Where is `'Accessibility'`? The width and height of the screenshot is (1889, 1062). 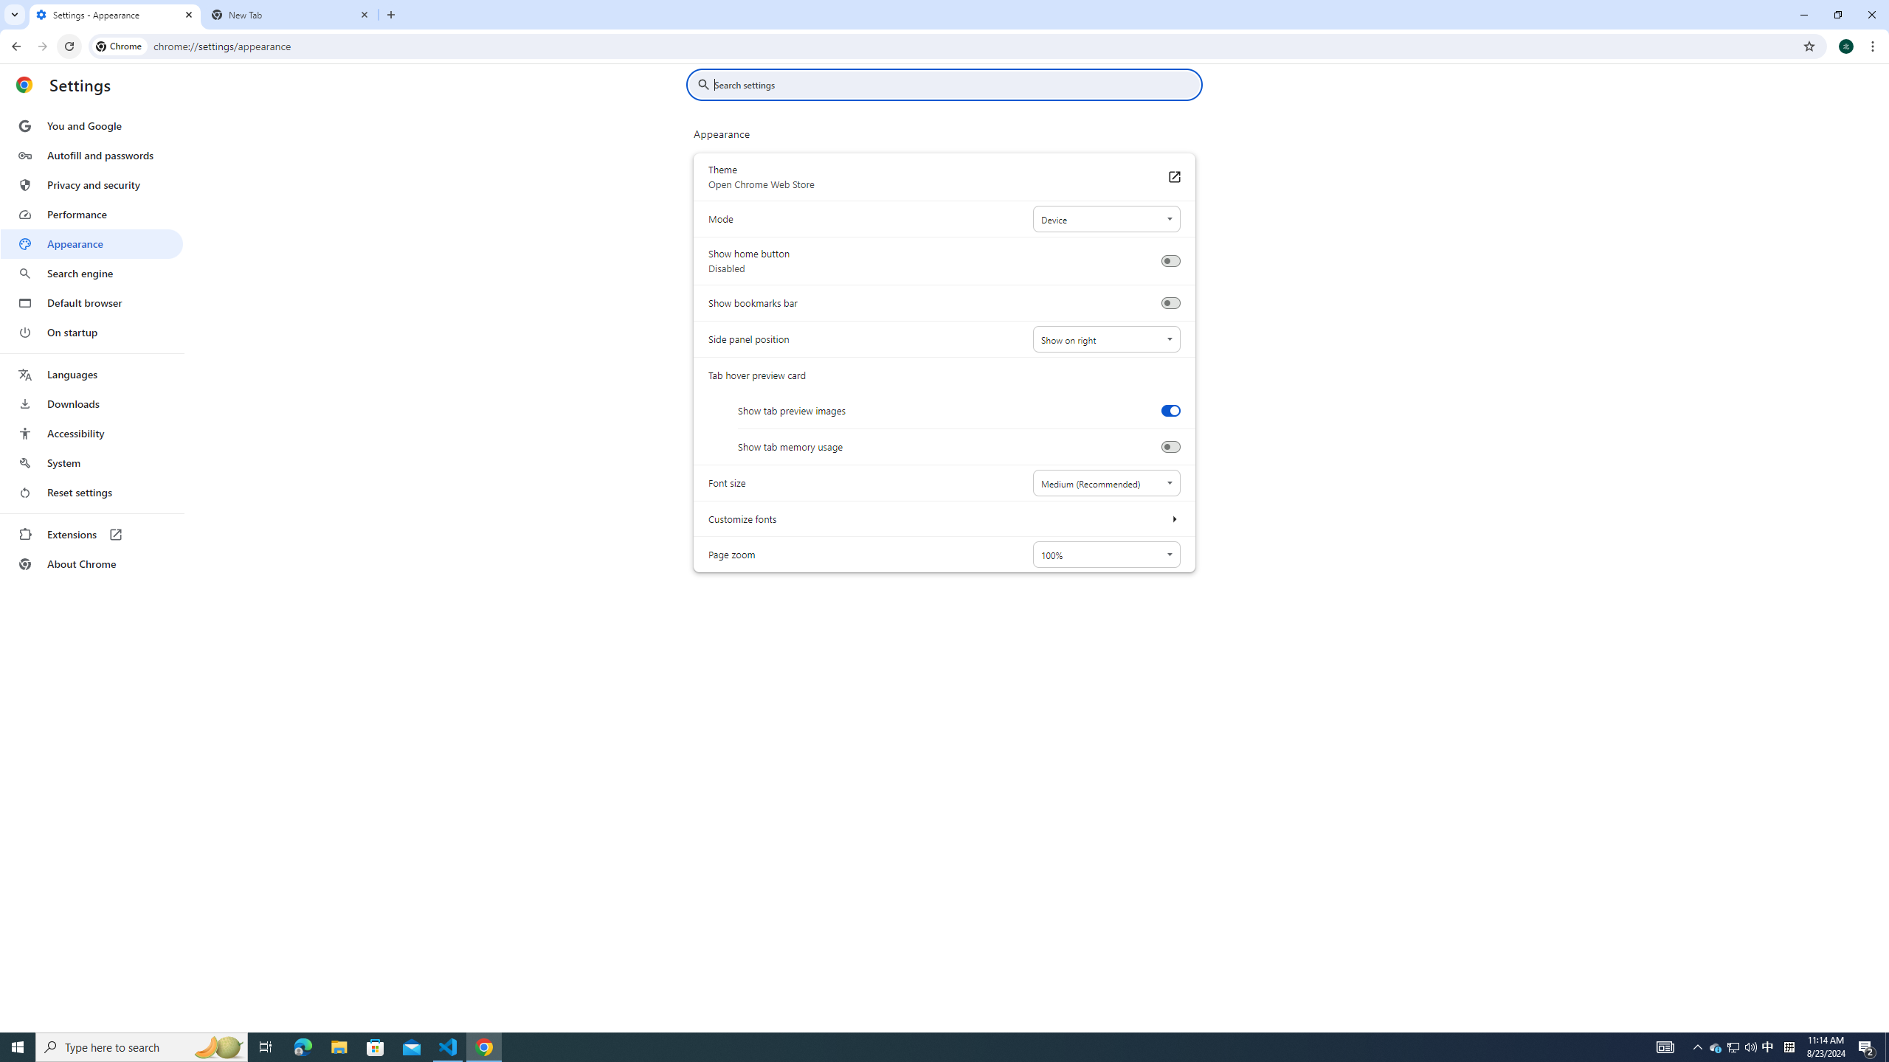
'Accessibility' is located at coordinates (91, 432).